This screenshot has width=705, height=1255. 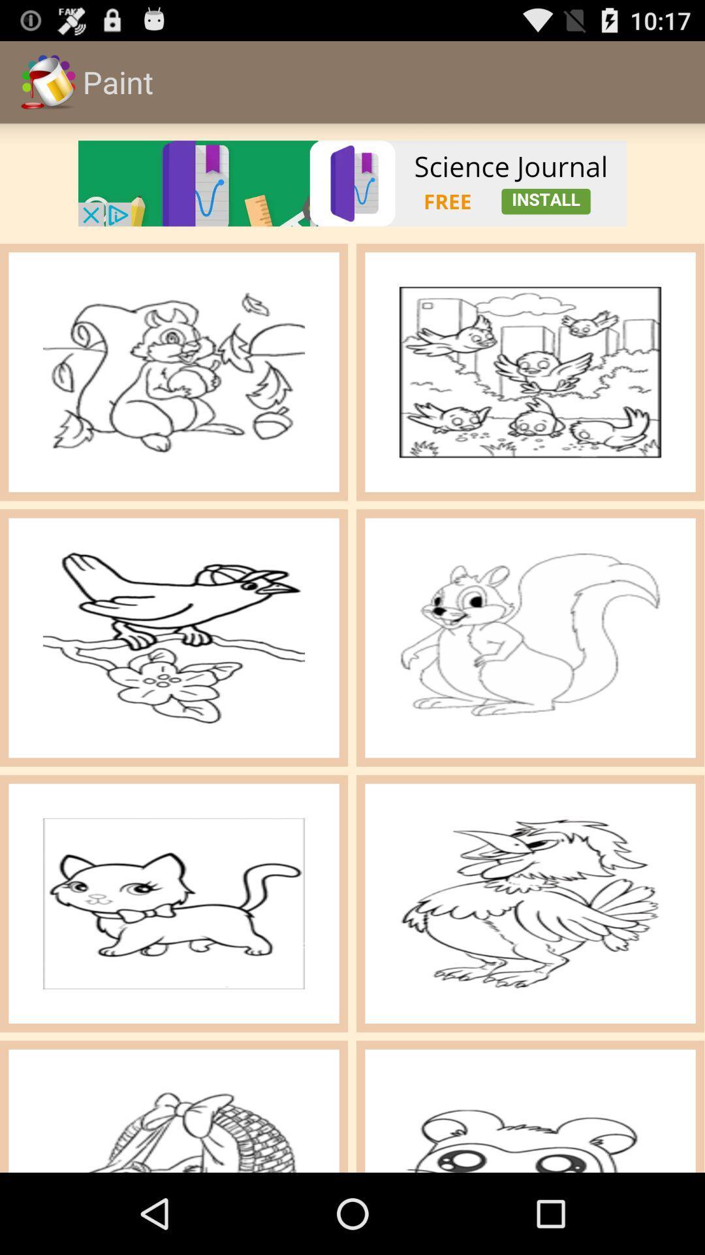 I want to click on details about advertisement, so click(x=352, y=182).